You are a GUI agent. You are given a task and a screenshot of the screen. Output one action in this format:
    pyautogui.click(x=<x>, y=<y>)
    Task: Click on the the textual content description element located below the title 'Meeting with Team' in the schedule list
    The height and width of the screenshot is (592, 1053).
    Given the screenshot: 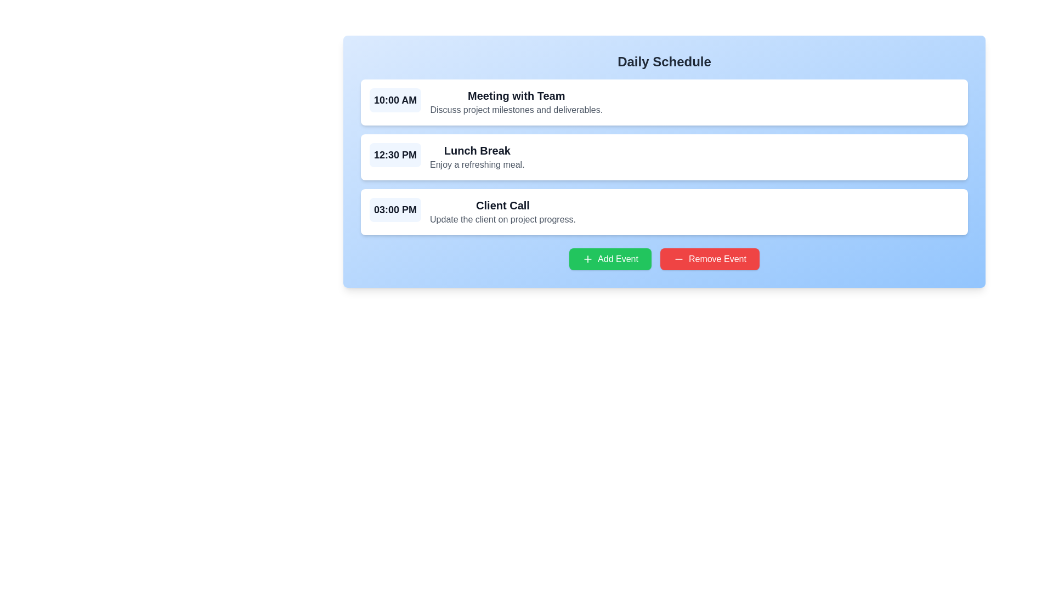 What is the action you would take?
    pyautogui.click(x=516, y=110)
    